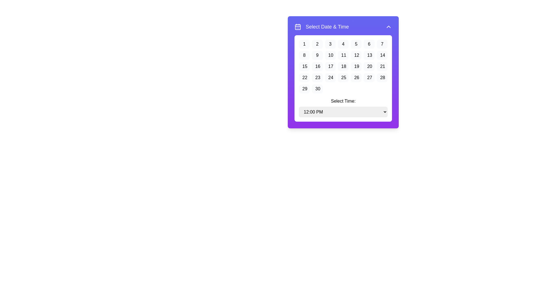  I want to click on text and icon displayed in the label at the top-left corner of the purple box containing date and time selection elements, so click(321, 27).